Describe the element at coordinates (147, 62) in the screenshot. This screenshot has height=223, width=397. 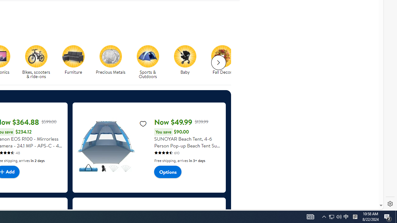
I see `'Sports & Outdoors Sports & Outdoors'` at that location.